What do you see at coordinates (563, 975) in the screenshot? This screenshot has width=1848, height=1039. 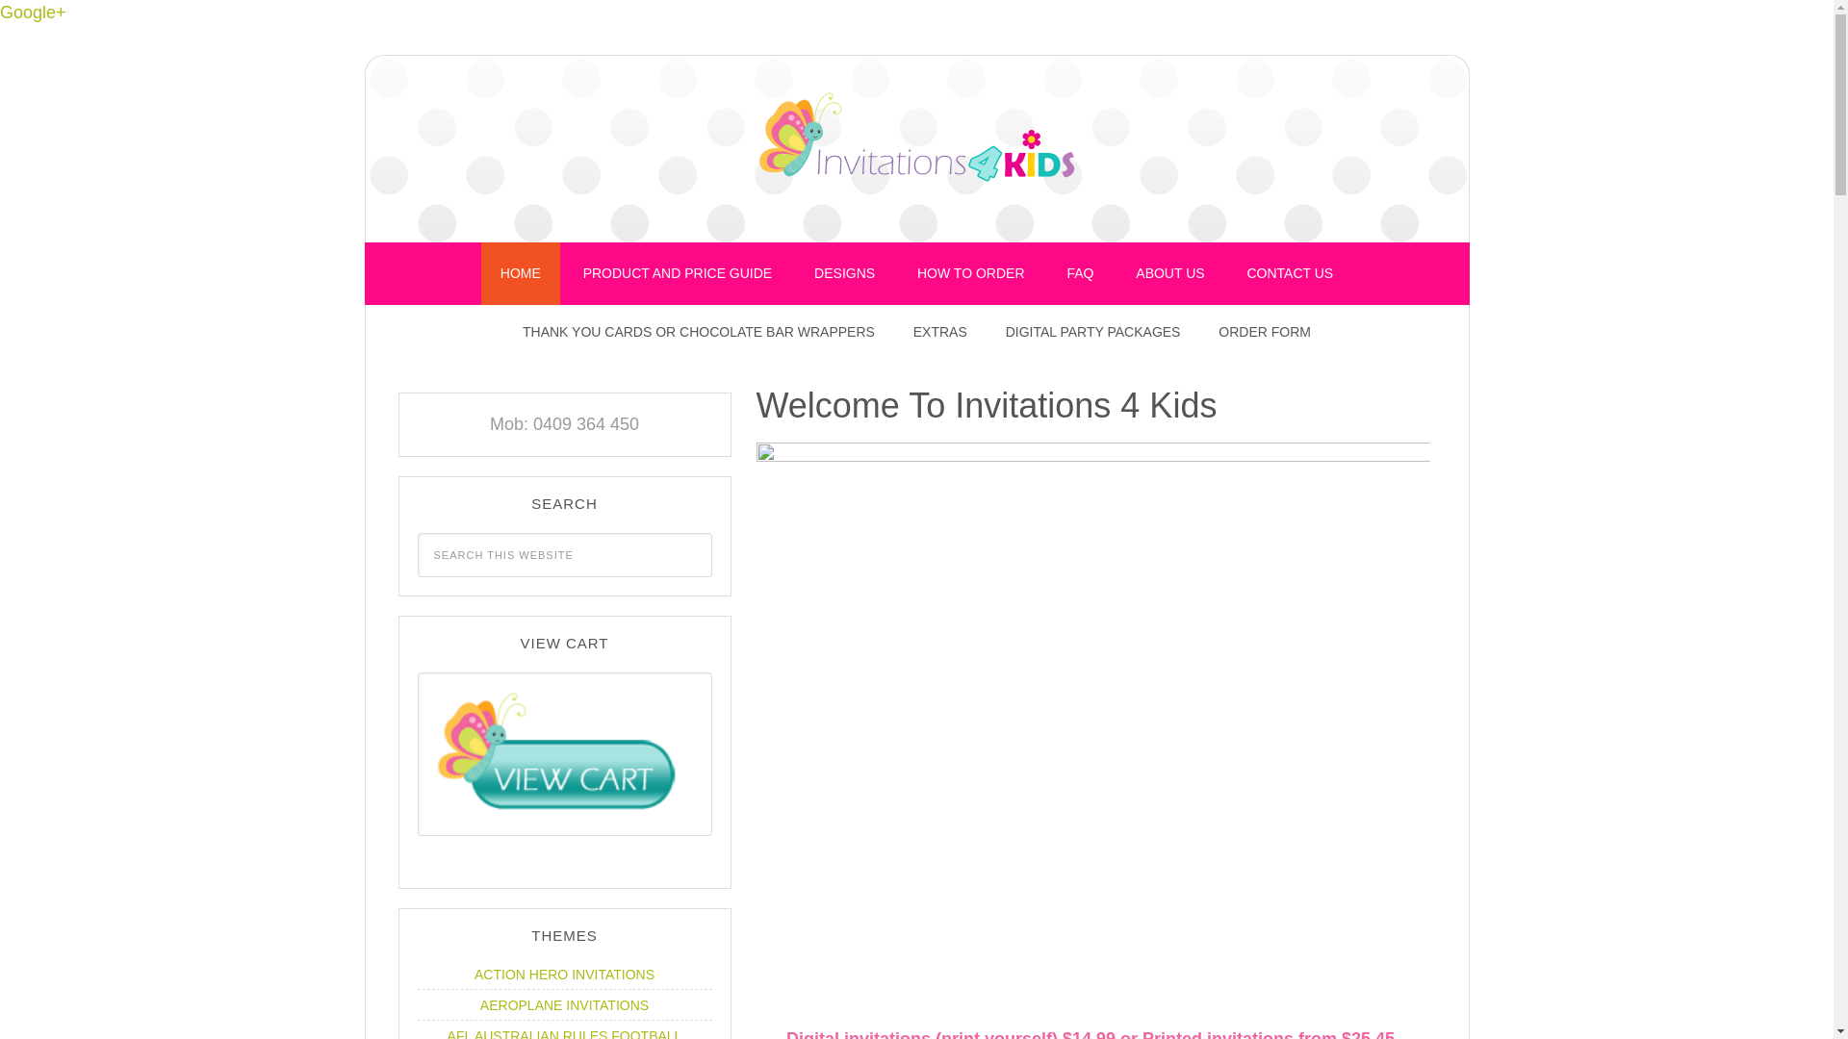 I see `'ACTION HERO INVITATIONS'` at bounding box center [563, 975].